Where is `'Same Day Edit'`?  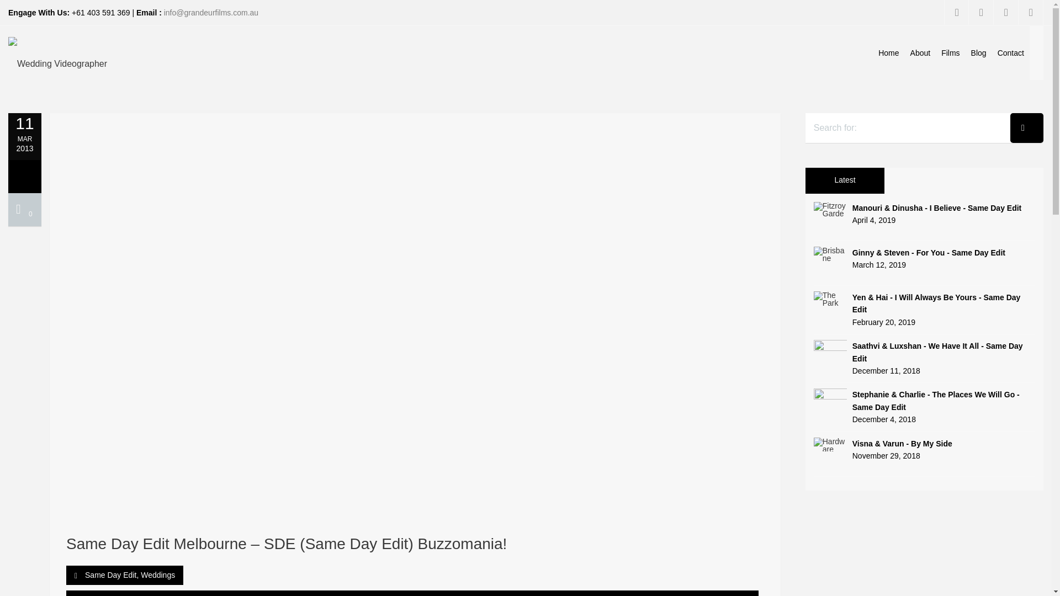
'Same Day Edit' is located at coordinates (110, 574).